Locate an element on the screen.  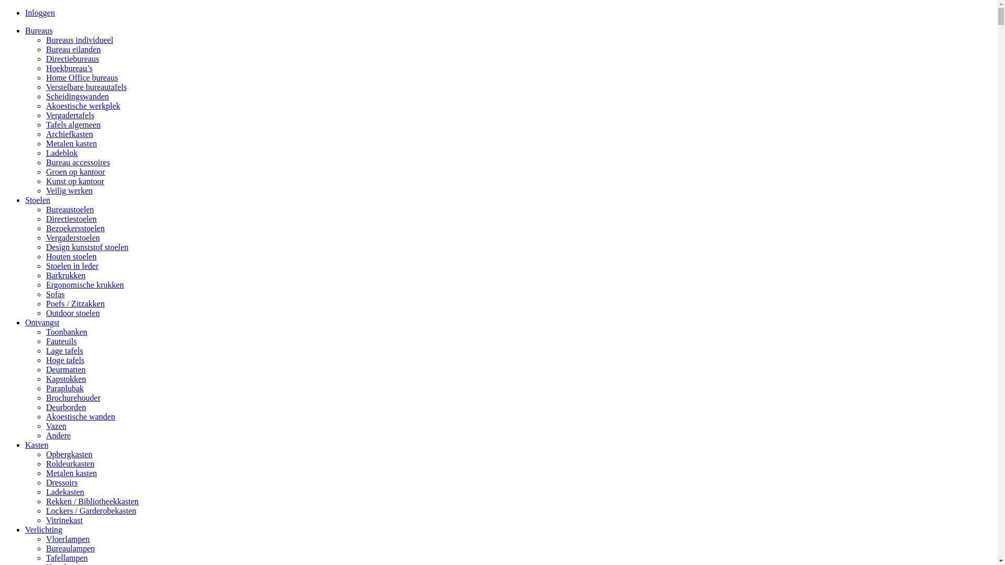
'Rekken / Bibliotheekkasten' is located at coordinates (92, 501).